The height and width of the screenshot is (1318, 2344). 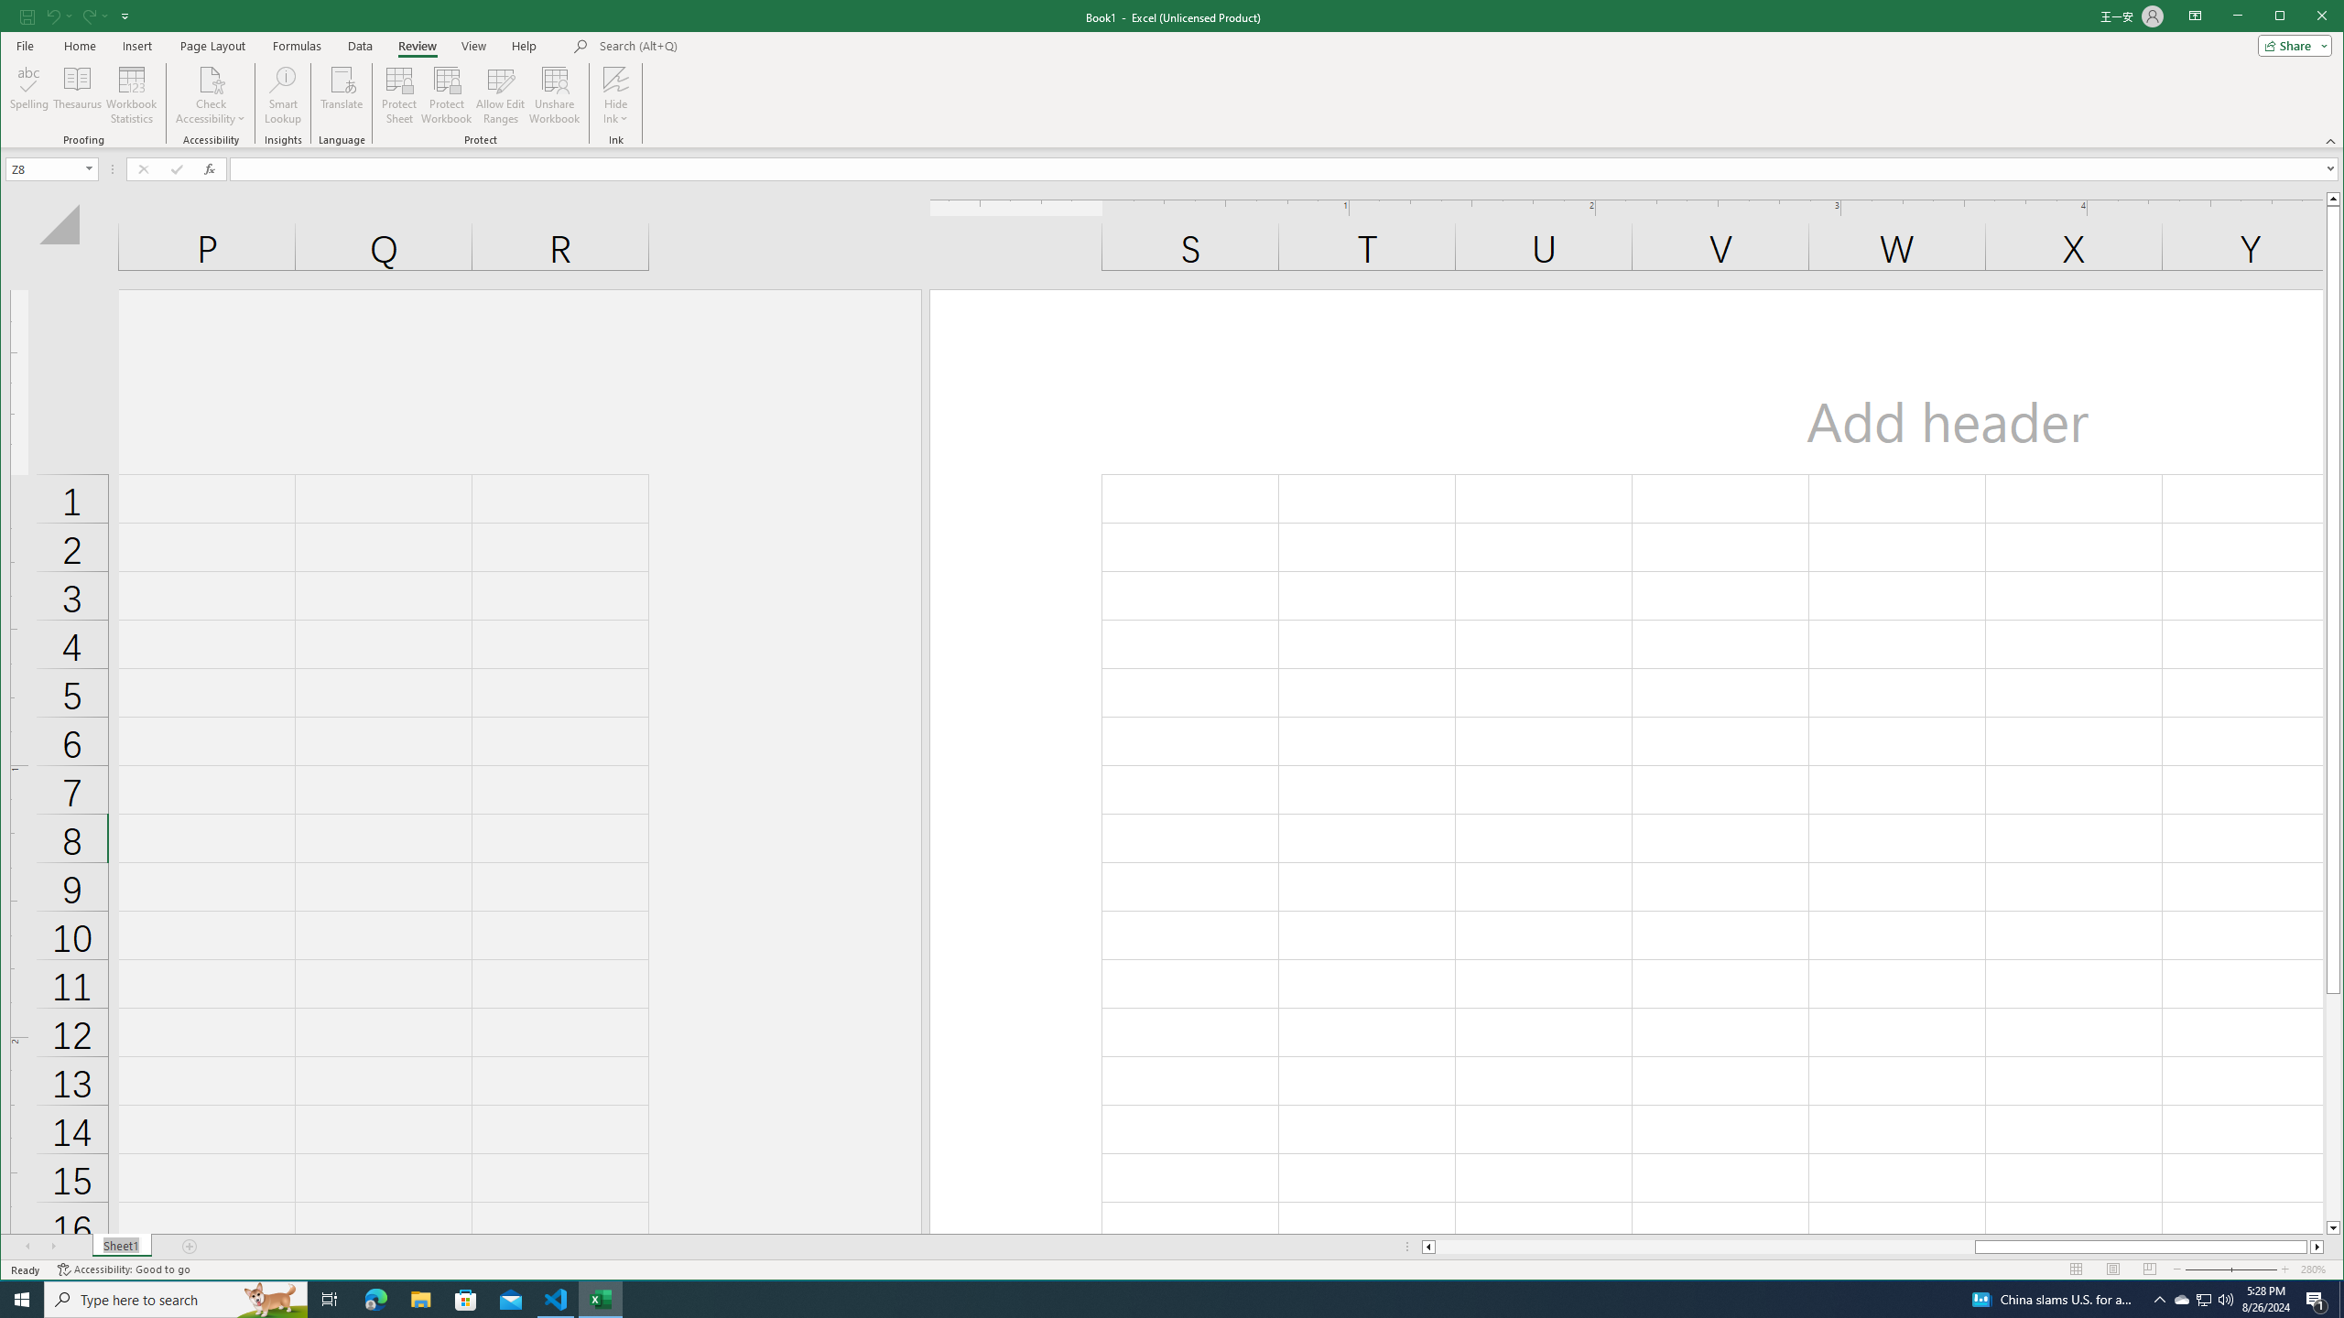 What do you see at coordinates (2306, 17) in the screenshot?
I see `'Maximize'` at bounding box center [2306, 17].